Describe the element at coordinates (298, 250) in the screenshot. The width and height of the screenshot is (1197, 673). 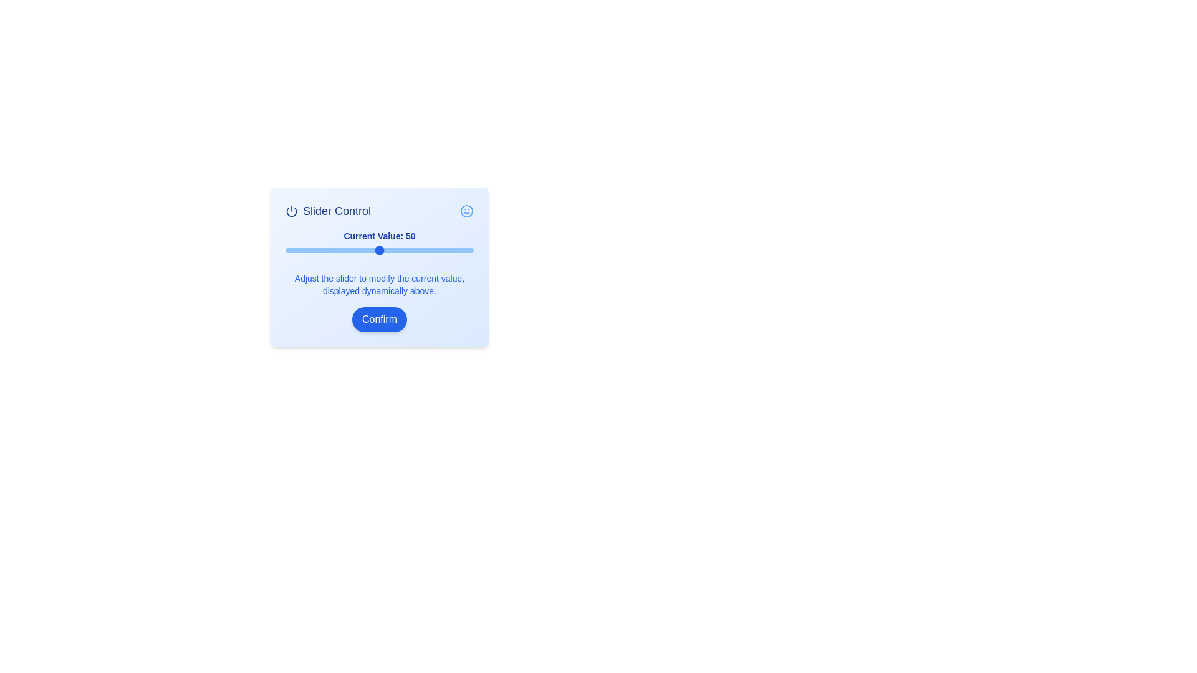
I see `the slider value` at that location.